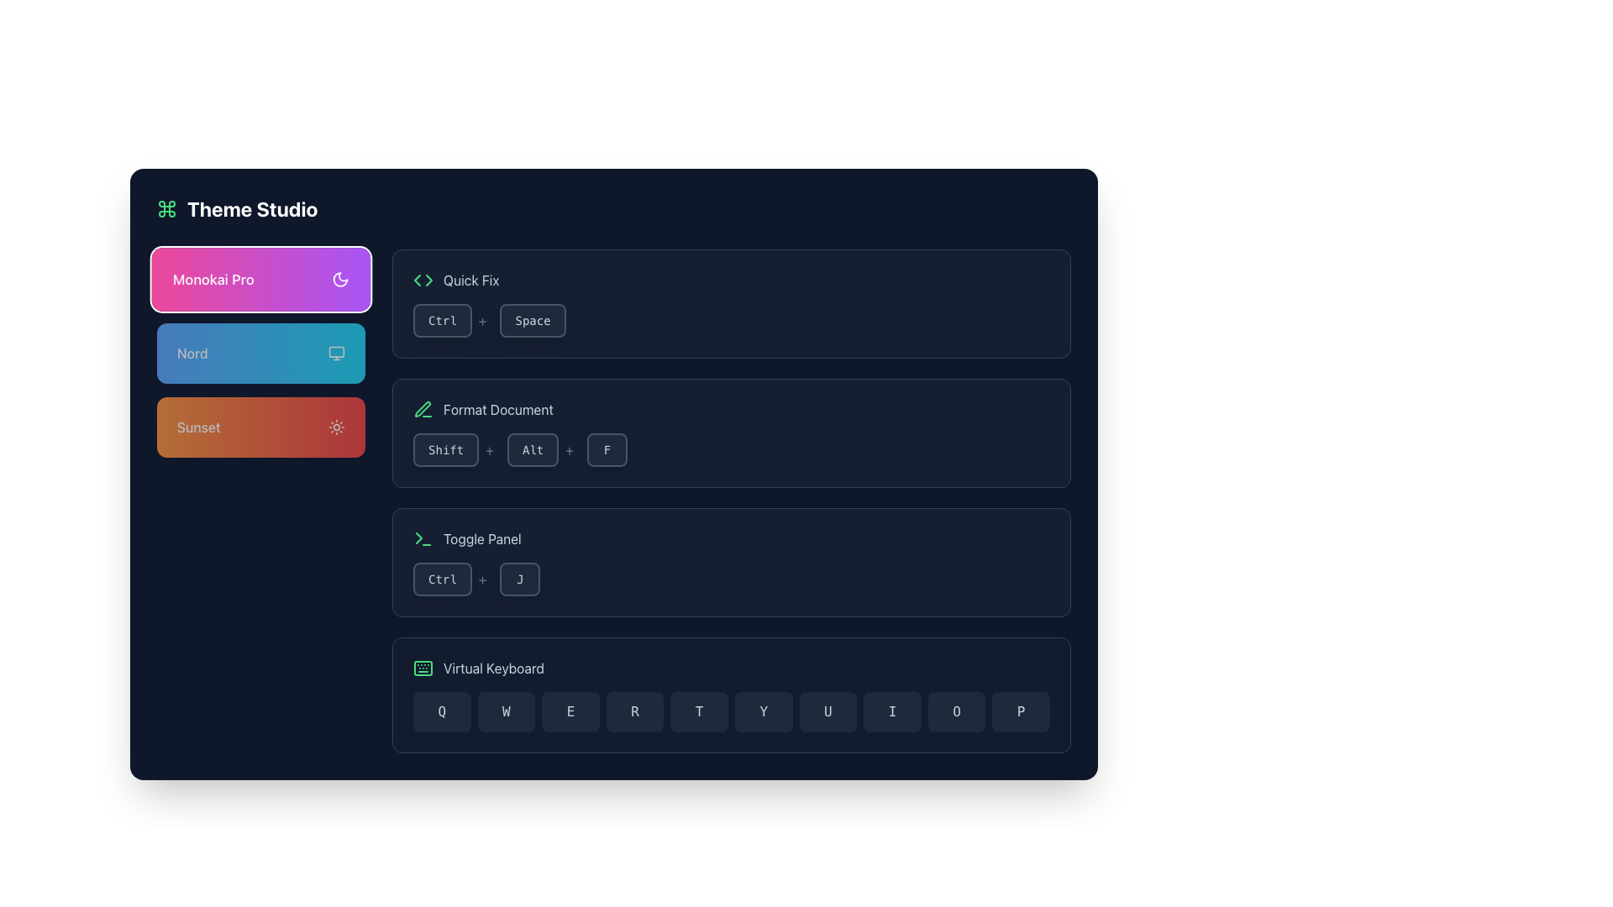 The width and height of the screenshot is (1613, 907). I want to click on the button labeled 'I', which is the eighth button in a horizontal grid of buttons labeled 'QWERTYUIOP', to input the character 'I', so click(891, 712).